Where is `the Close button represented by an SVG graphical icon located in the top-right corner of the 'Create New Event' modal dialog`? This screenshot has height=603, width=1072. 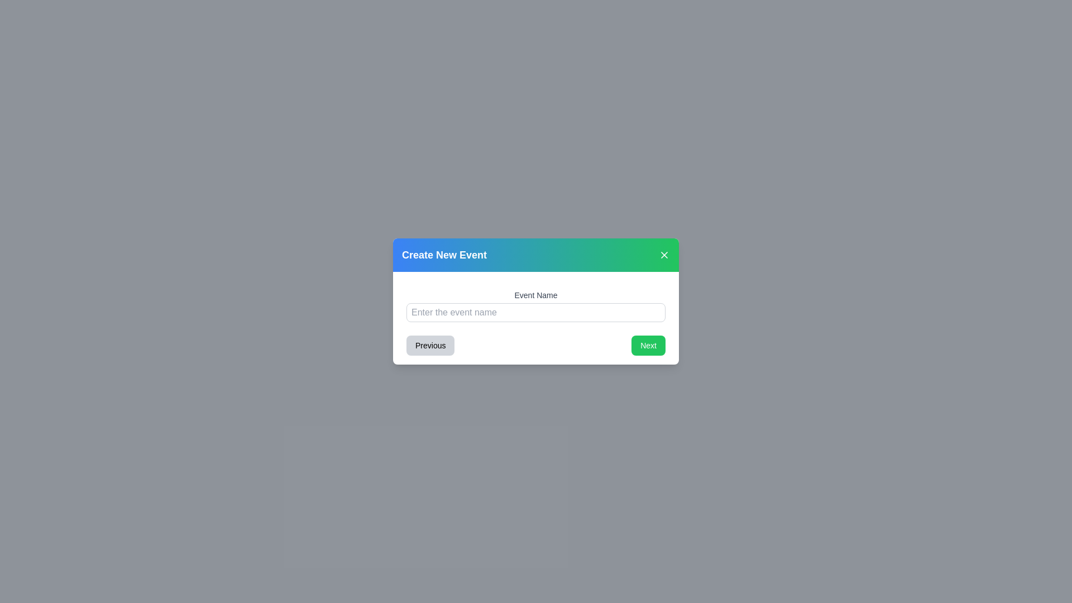
the Close button represented by an SVG graphical icon located in the top-right corner of the 'Create New Event' modal dialog is located at coordinates (664, 255).